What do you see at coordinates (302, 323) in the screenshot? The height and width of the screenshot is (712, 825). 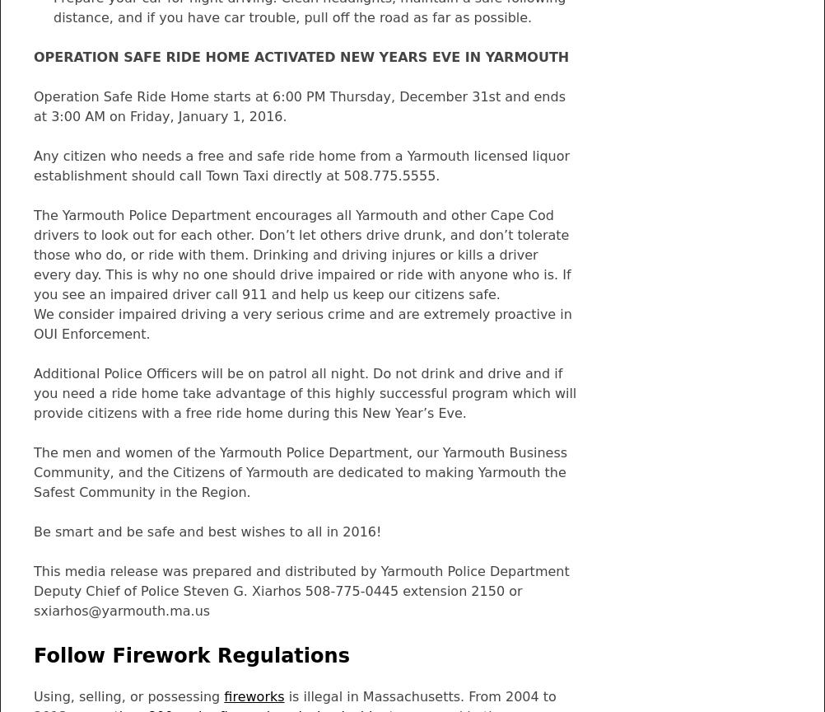 I see `'very serious crime and are extremely proactive in OUI Enforcement.'` at bounding box center [302, 323].